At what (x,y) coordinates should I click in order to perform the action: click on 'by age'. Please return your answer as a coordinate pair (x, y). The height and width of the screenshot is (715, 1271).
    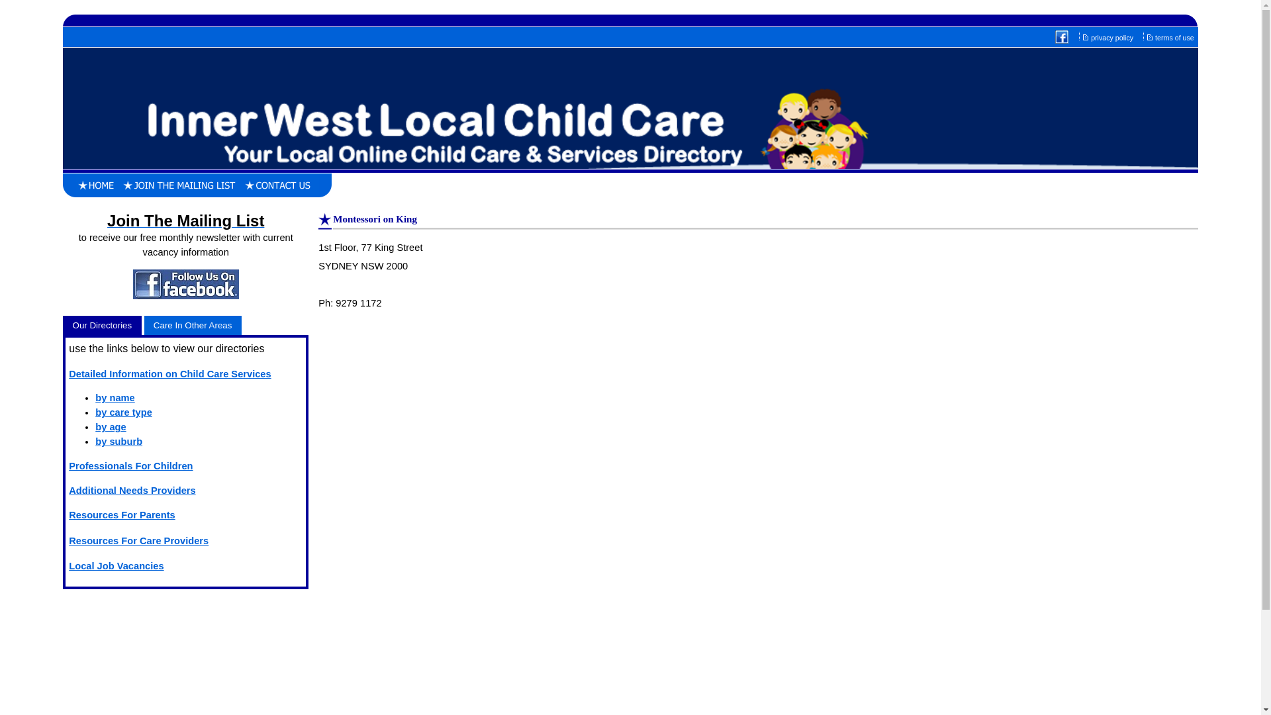
    Looking at the image, I should click on (95, 426).